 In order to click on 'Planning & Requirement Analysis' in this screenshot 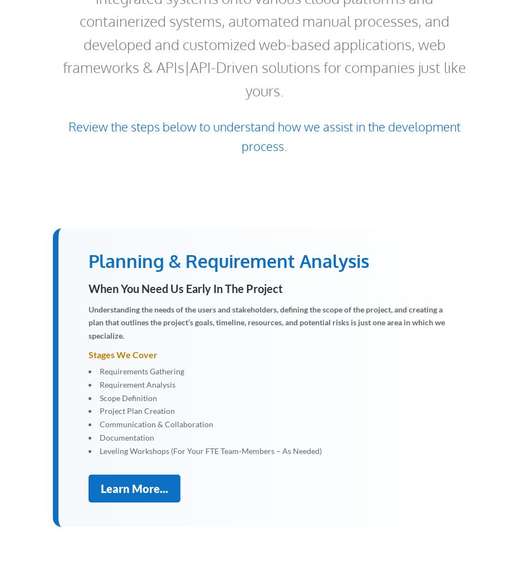, I will do `click(228, 260)`.